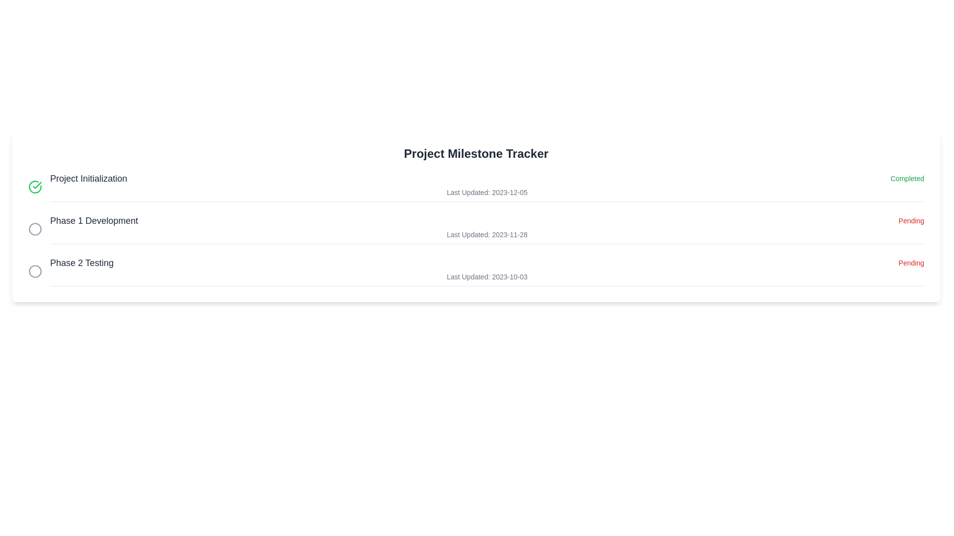 This screenshot has height=536, width=954. Describe the element at coordinates (35, 229) in the screenshot. I see `the status icon indicating 'Phase 1 Development'` at that location.